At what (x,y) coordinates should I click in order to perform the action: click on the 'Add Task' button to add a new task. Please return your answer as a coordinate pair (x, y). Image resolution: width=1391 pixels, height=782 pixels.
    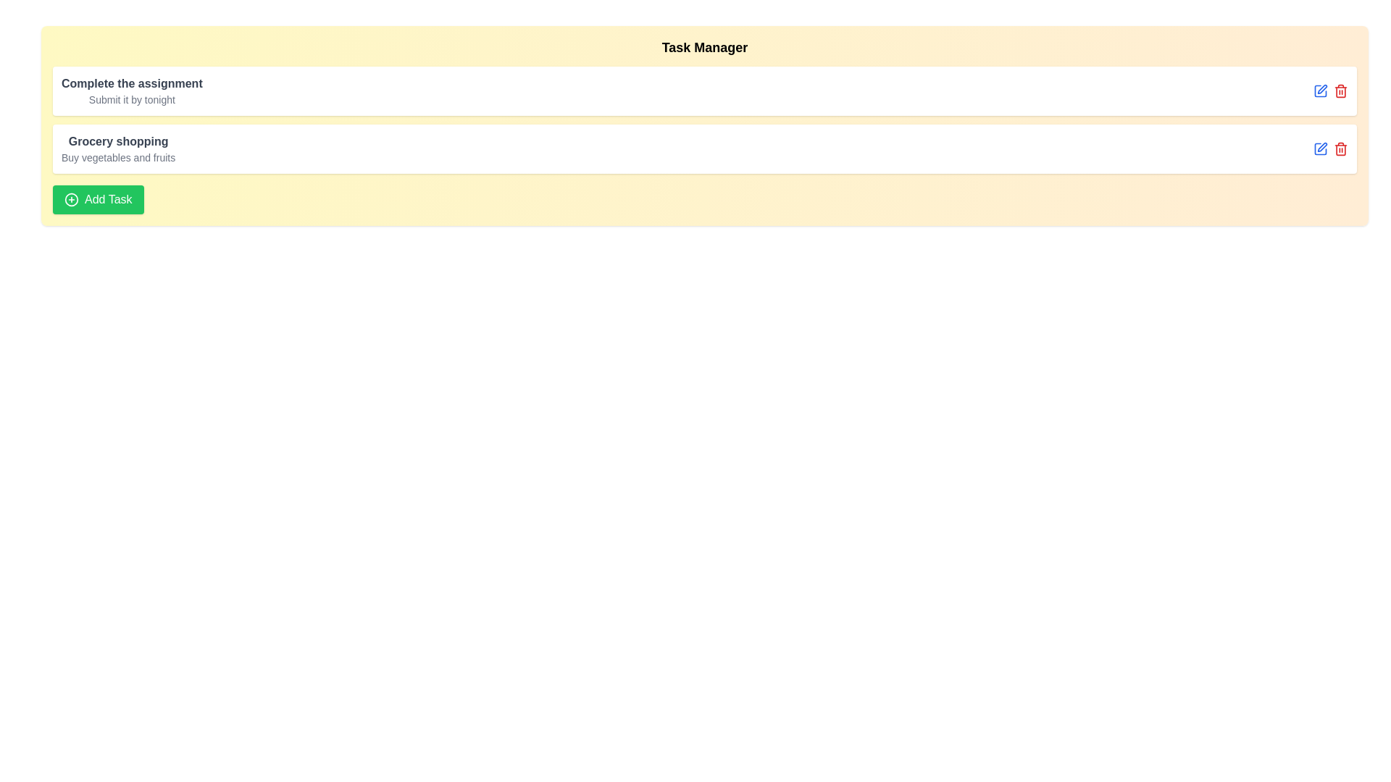
    Looking at the image, I should click on (97, 200).